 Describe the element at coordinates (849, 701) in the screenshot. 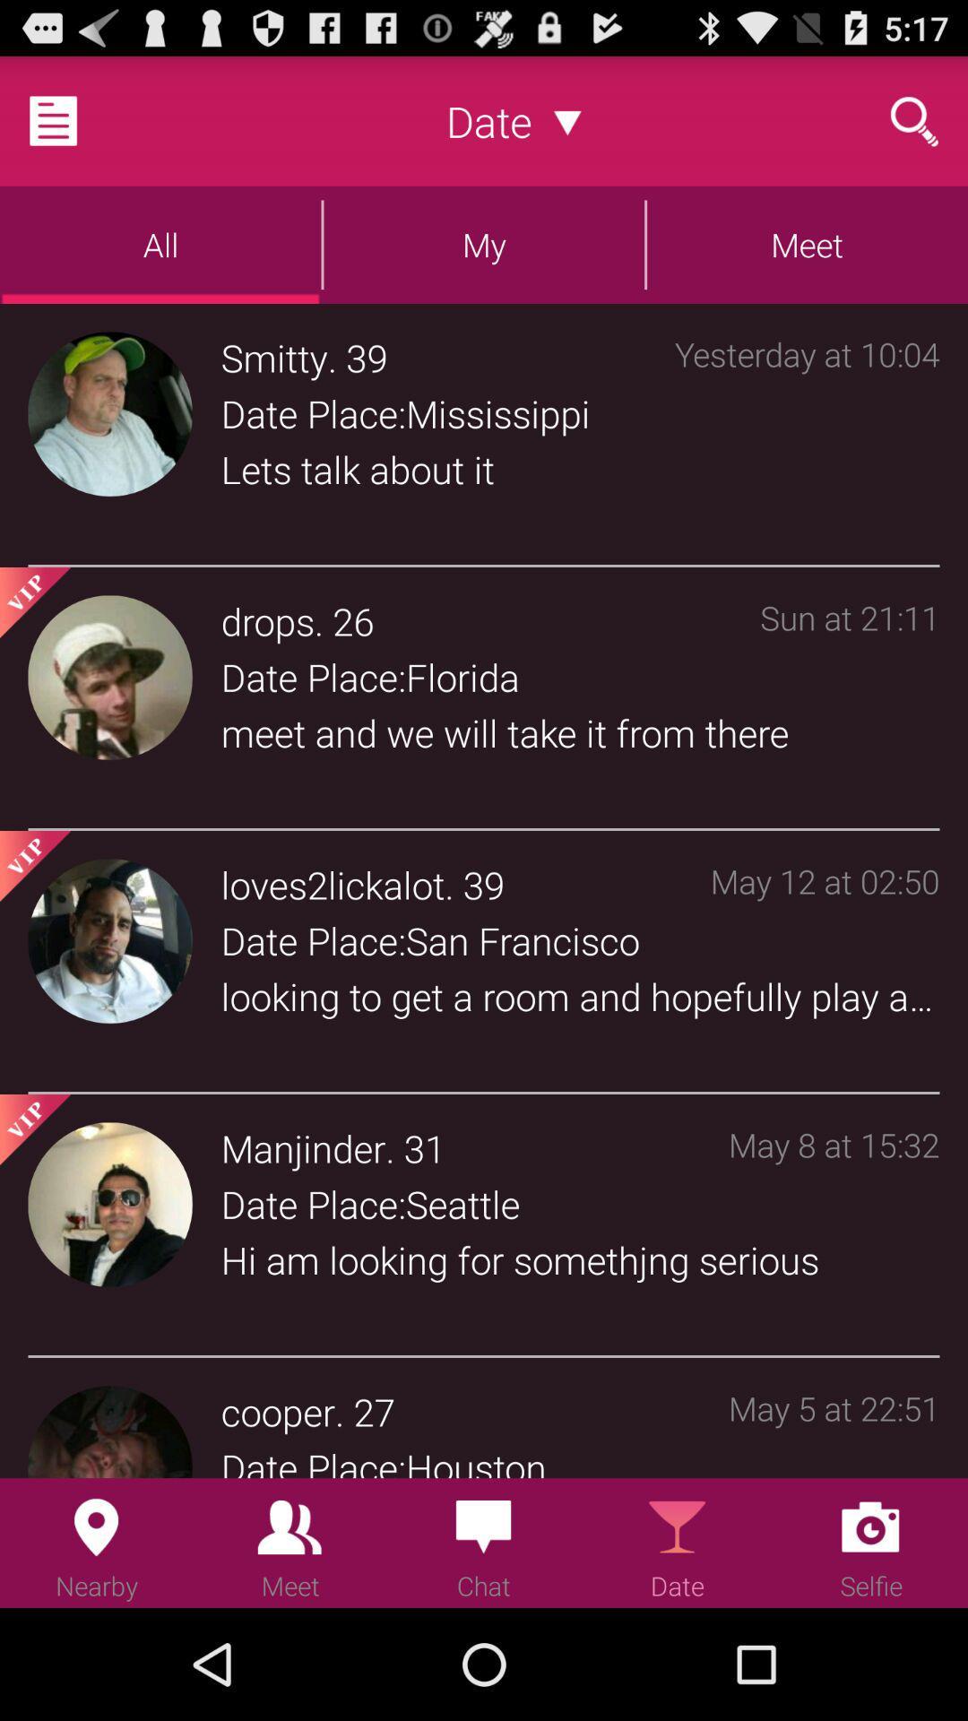

I see `item to the right of date place:florida app` at that location.